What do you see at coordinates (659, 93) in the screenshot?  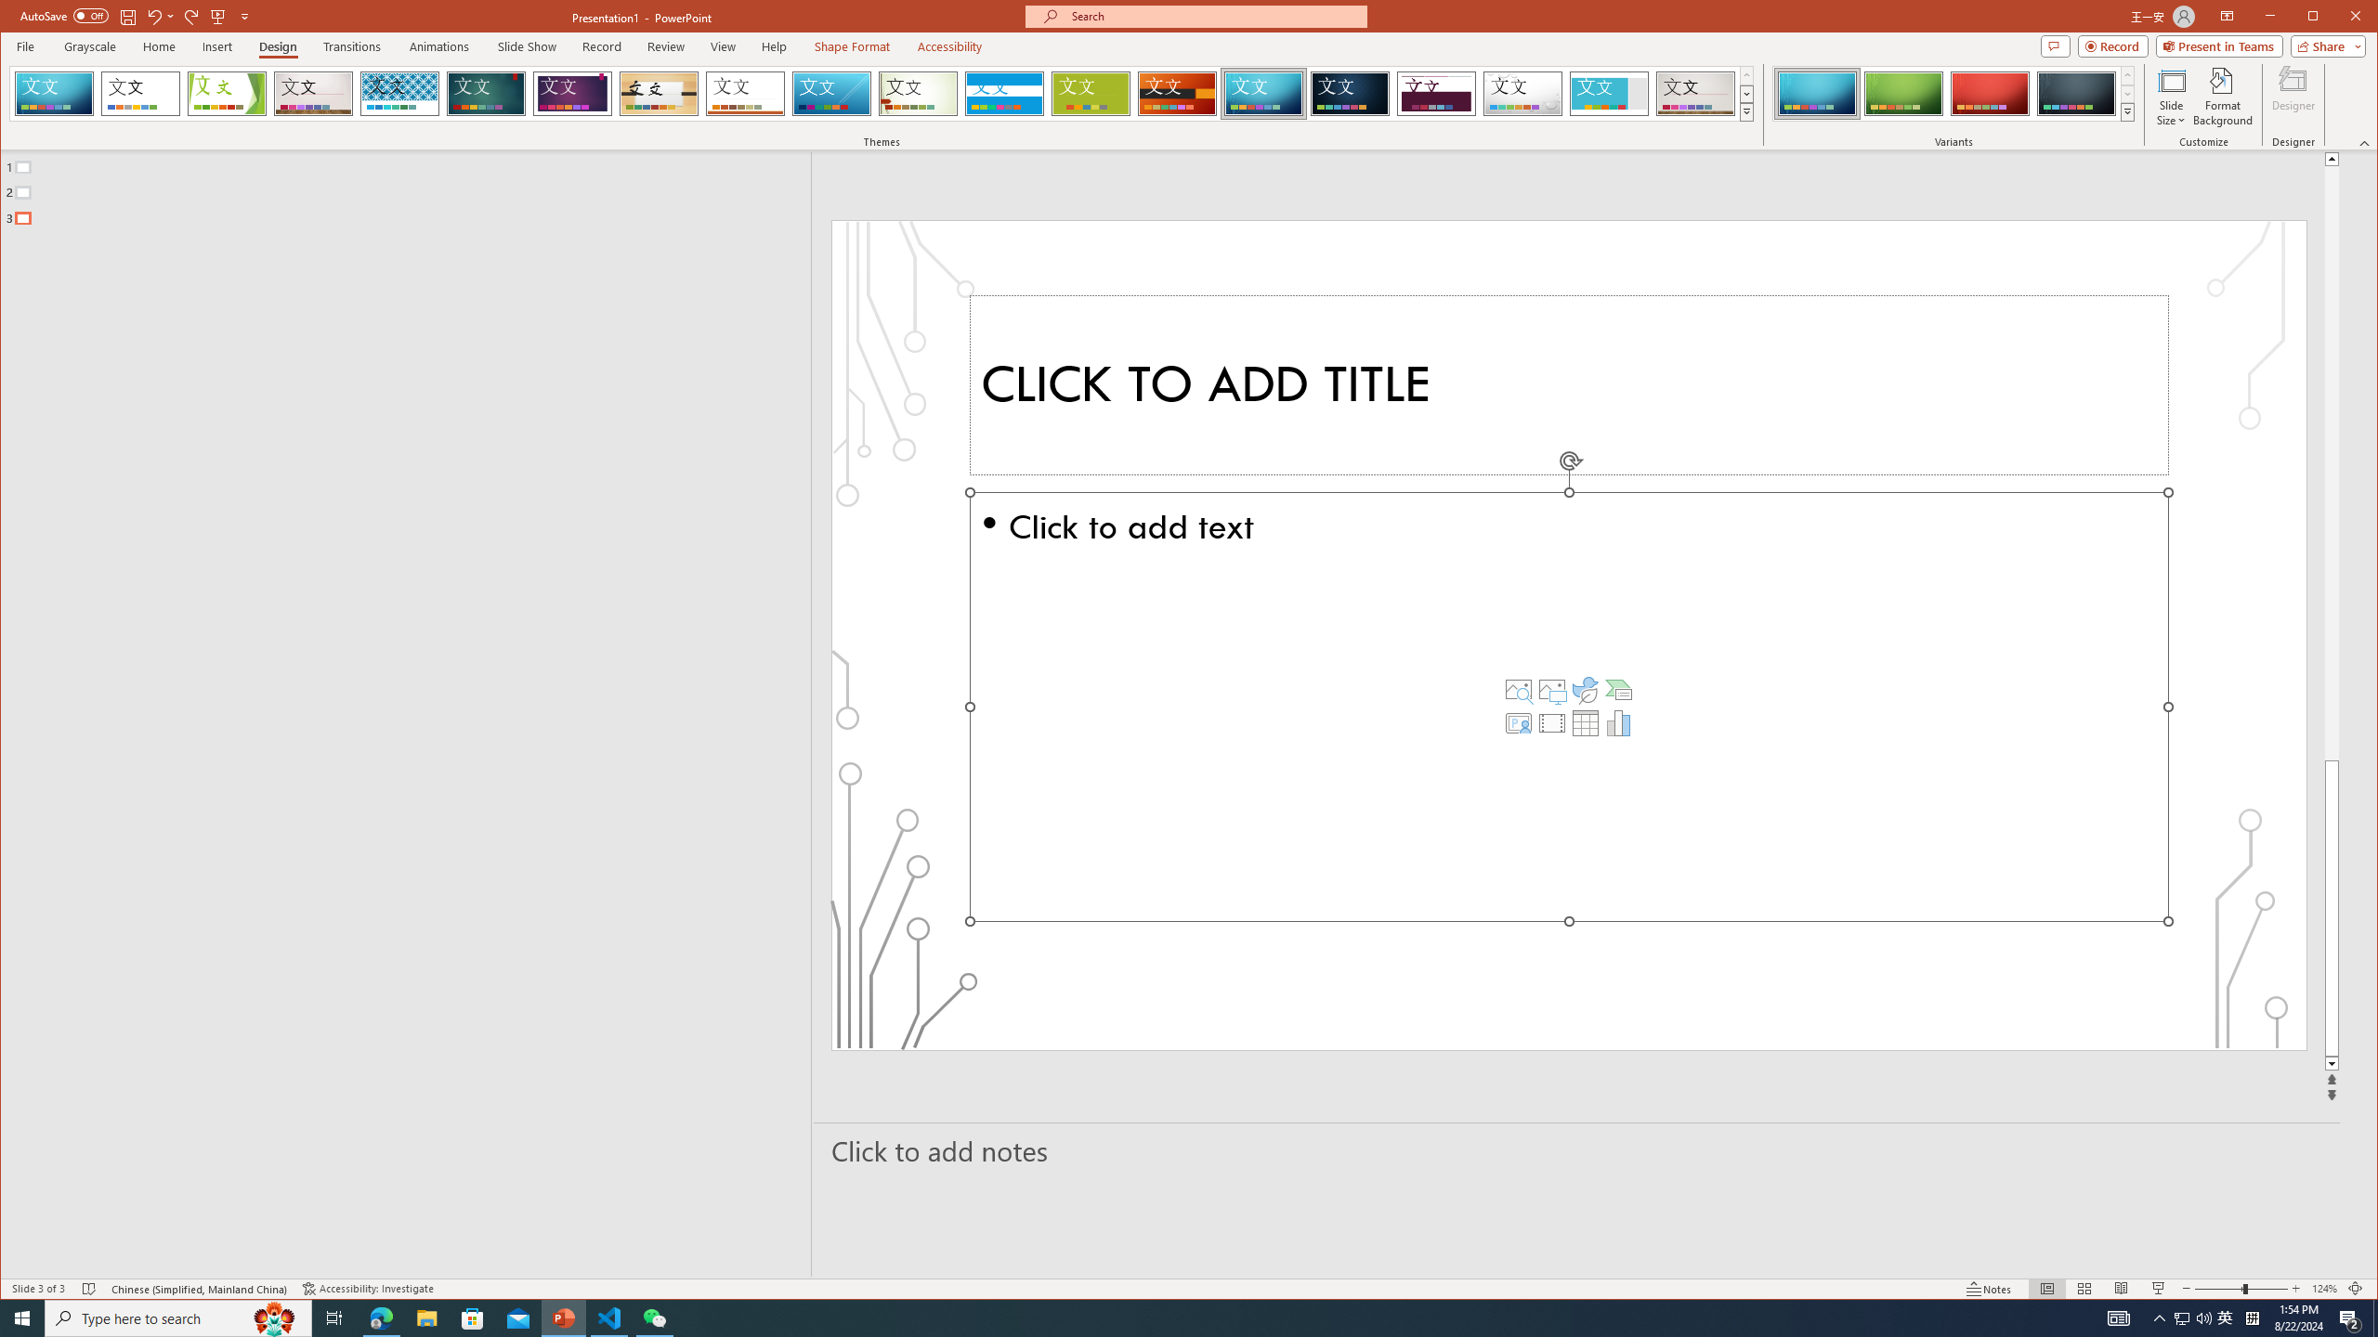 I see `'Organic'` at bounding box center [659, 93].